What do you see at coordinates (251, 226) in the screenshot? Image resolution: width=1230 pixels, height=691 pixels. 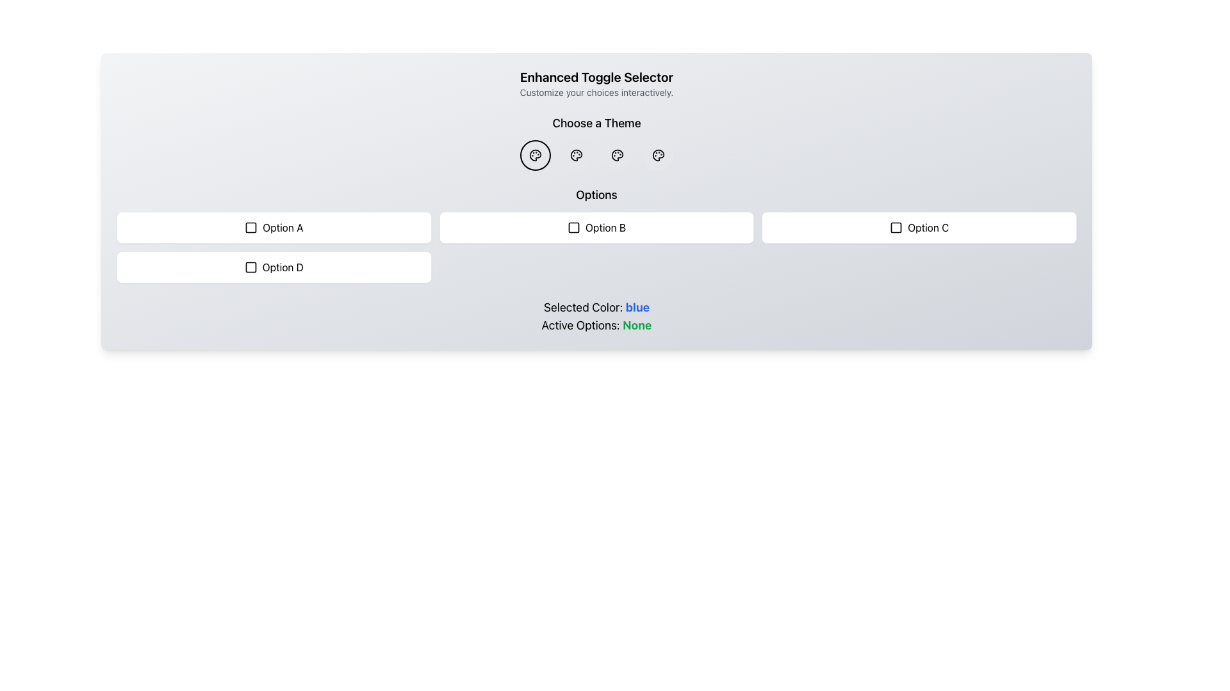 I see `the checkbox toggle indicator for 'Option A' to provide visual feedback` at bounding box center [251, 226].